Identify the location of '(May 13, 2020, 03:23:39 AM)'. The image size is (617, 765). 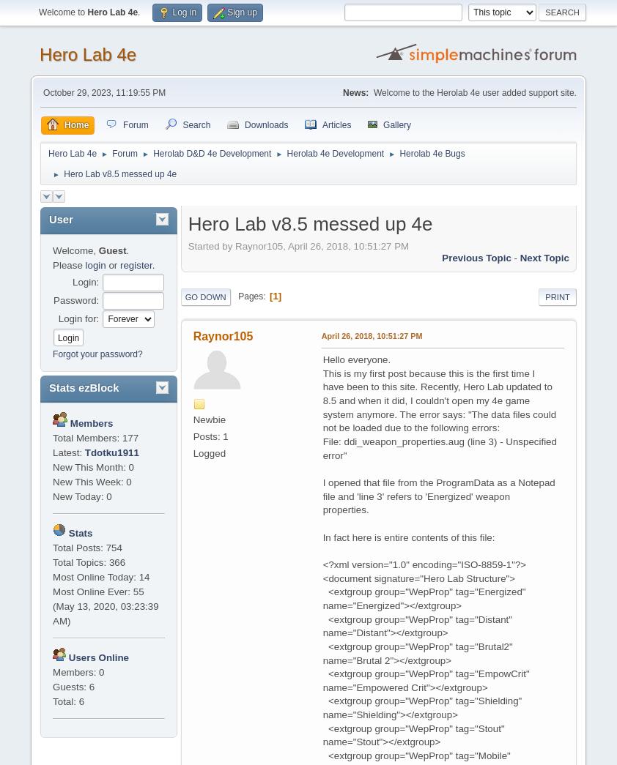
(104, 612).